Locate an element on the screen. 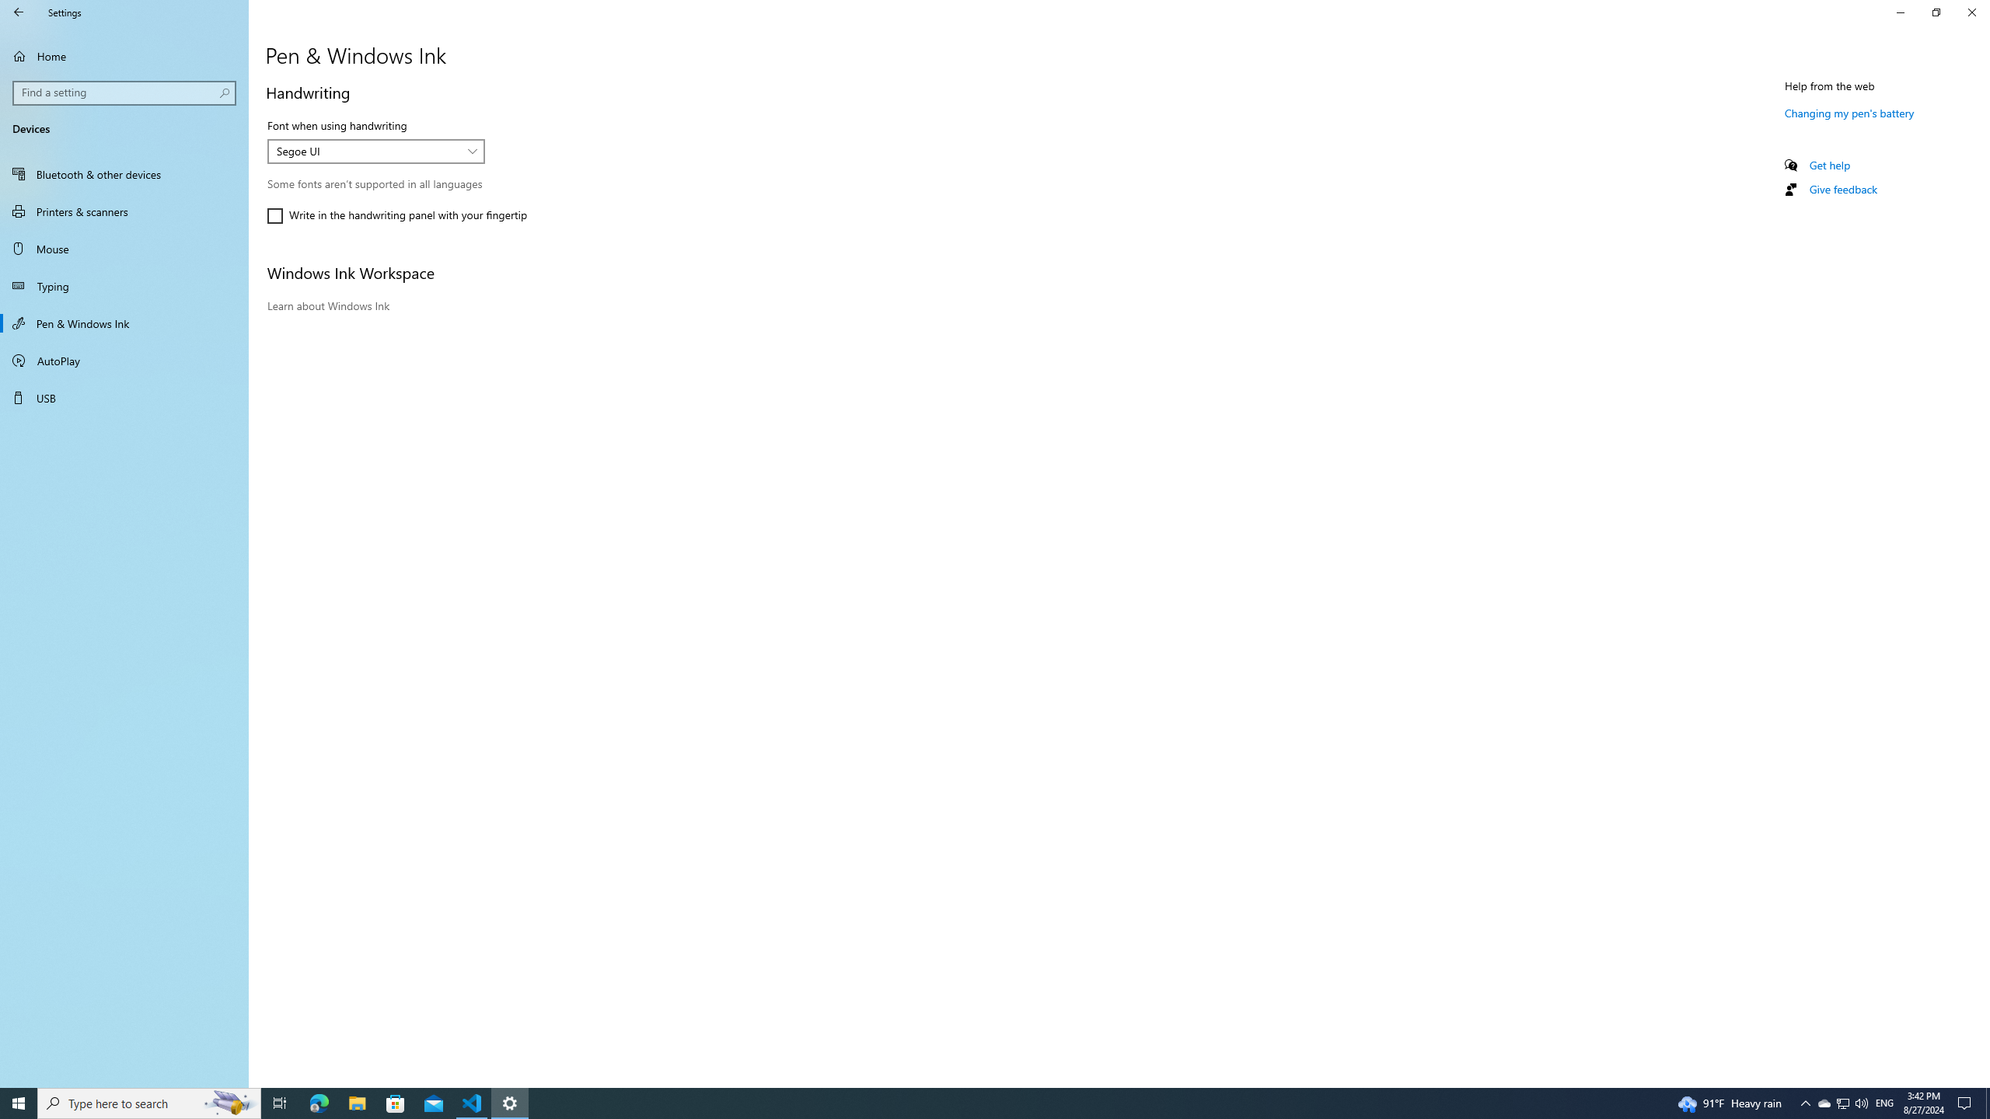  'Learn about Windows Ink' is located at coordinates (327, 305).